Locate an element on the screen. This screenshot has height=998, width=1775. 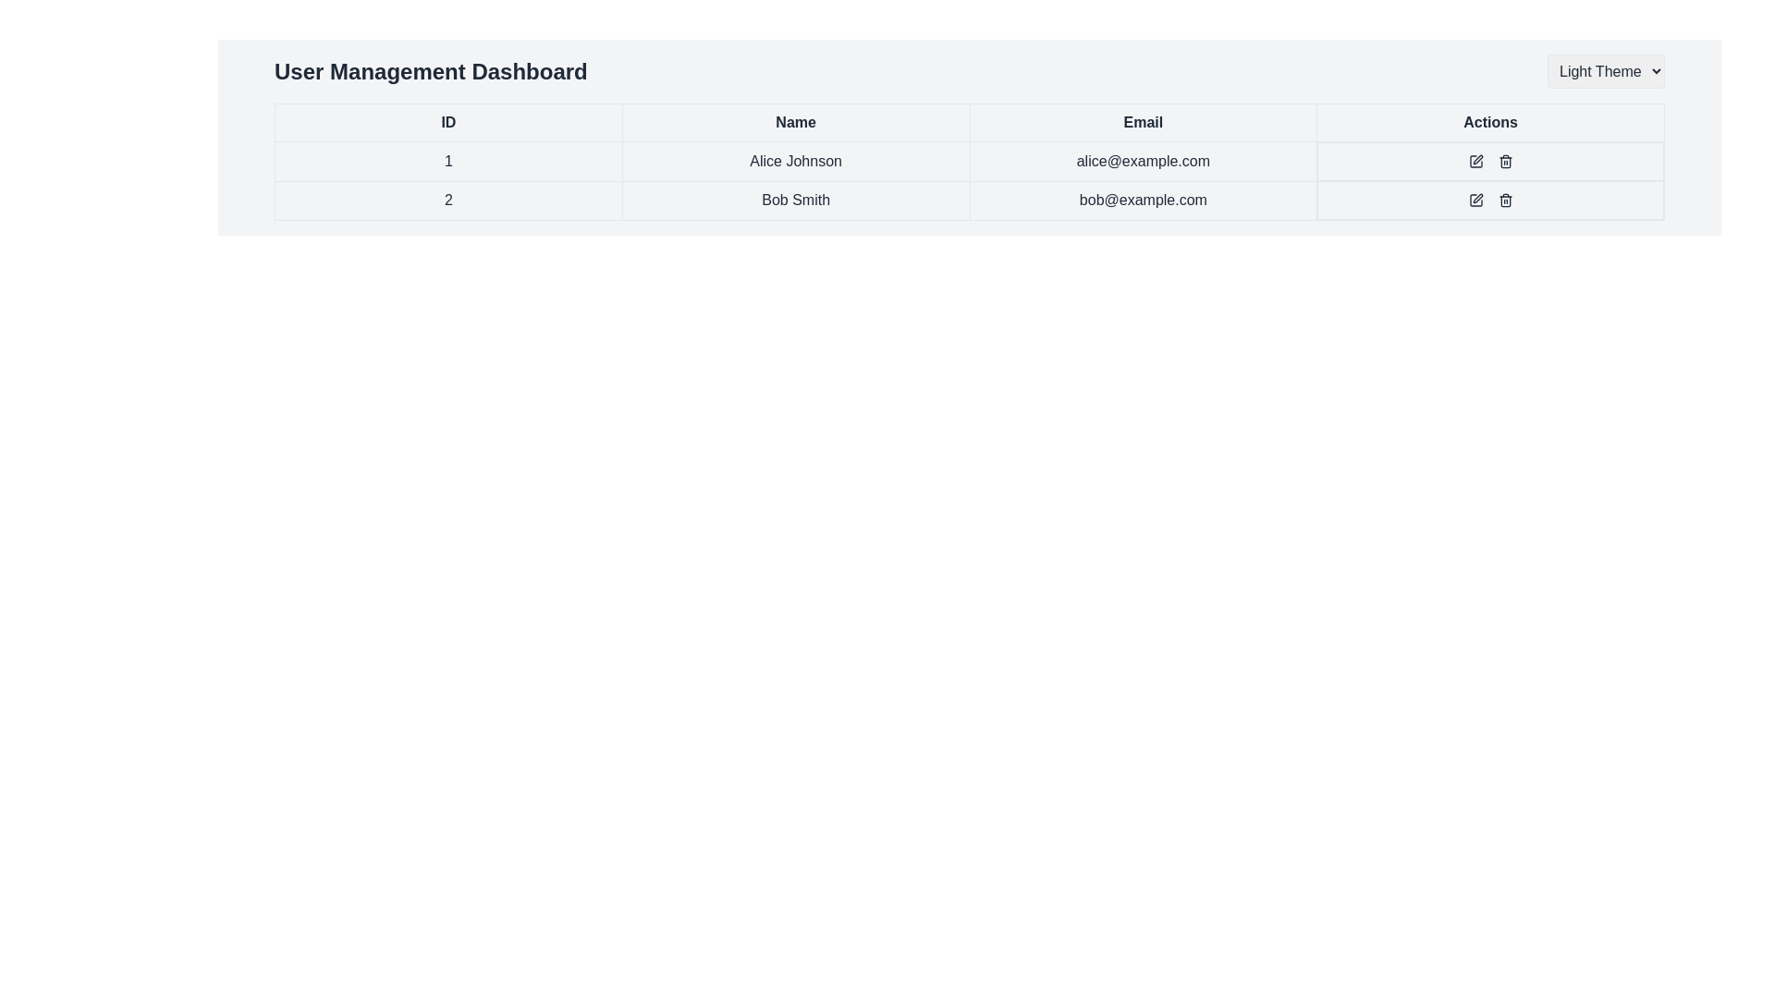
the second row of the user information table to interact with the edit or delete icons is located at coordinates (969, 200).